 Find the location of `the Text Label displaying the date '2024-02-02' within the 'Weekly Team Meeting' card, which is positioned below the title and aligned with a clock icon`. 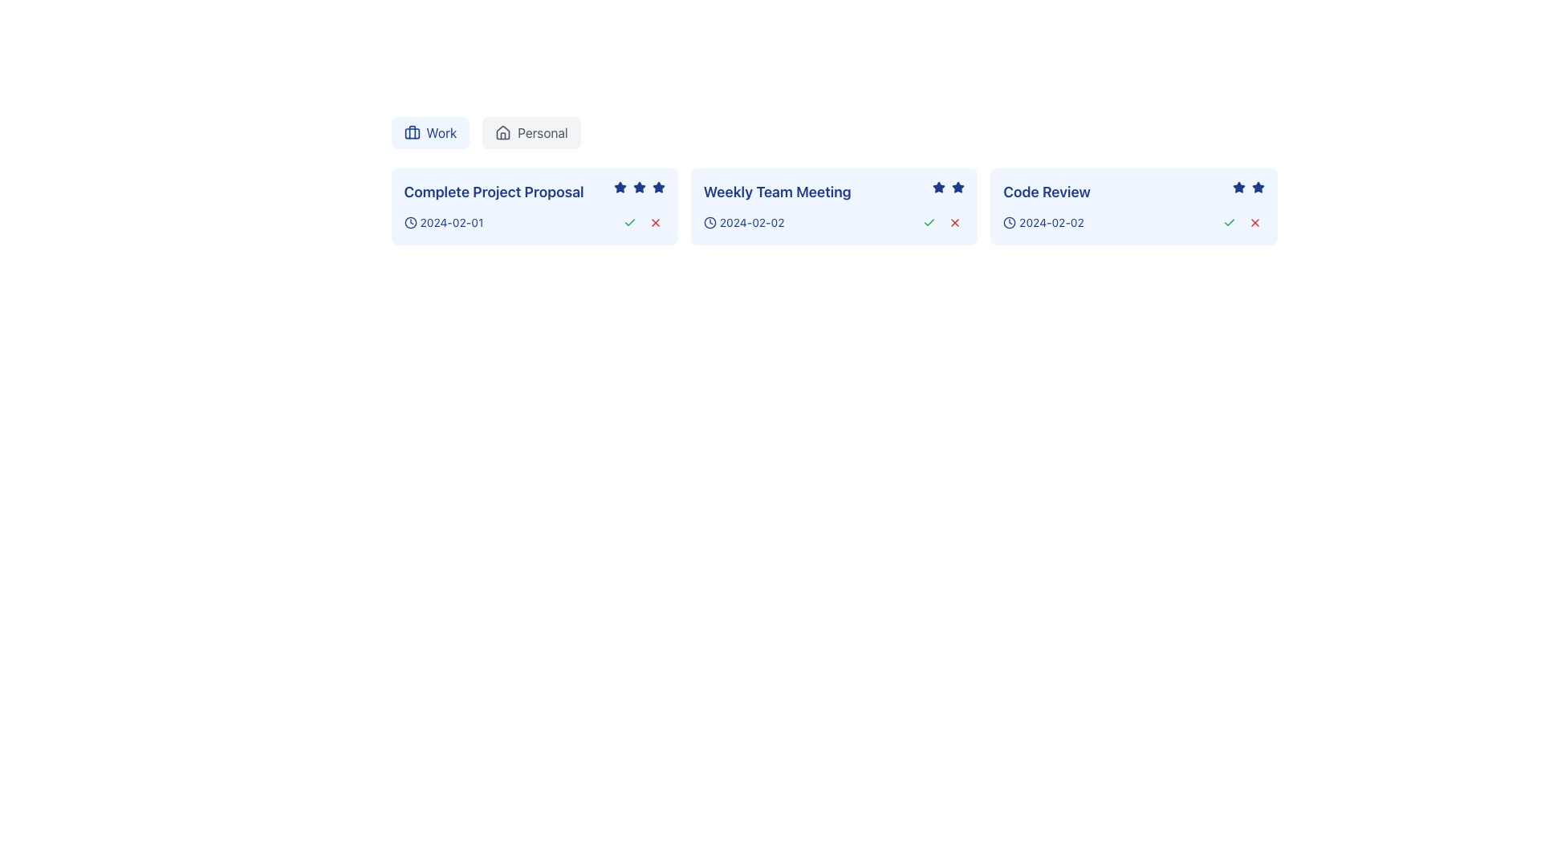

the Text Label displaying the date '2024-02-02' within the 'Weekly Team Meeting' card, which is positioned below the title and aligned with a clock icon is located at coordinates (751, 222).